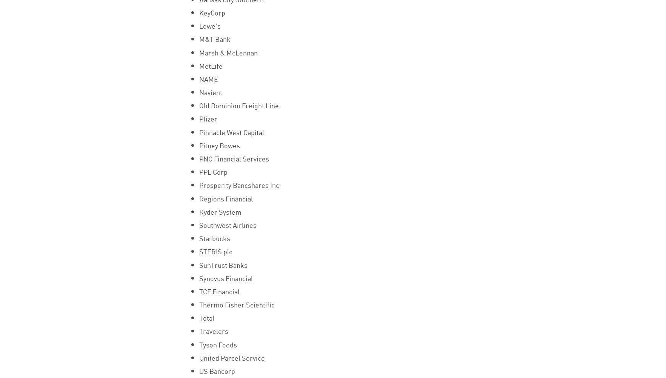 The image size is (666, 378). Describe the element at coordinates (214, 237) in the screenshot. I see `'Starbucks'` at that location.